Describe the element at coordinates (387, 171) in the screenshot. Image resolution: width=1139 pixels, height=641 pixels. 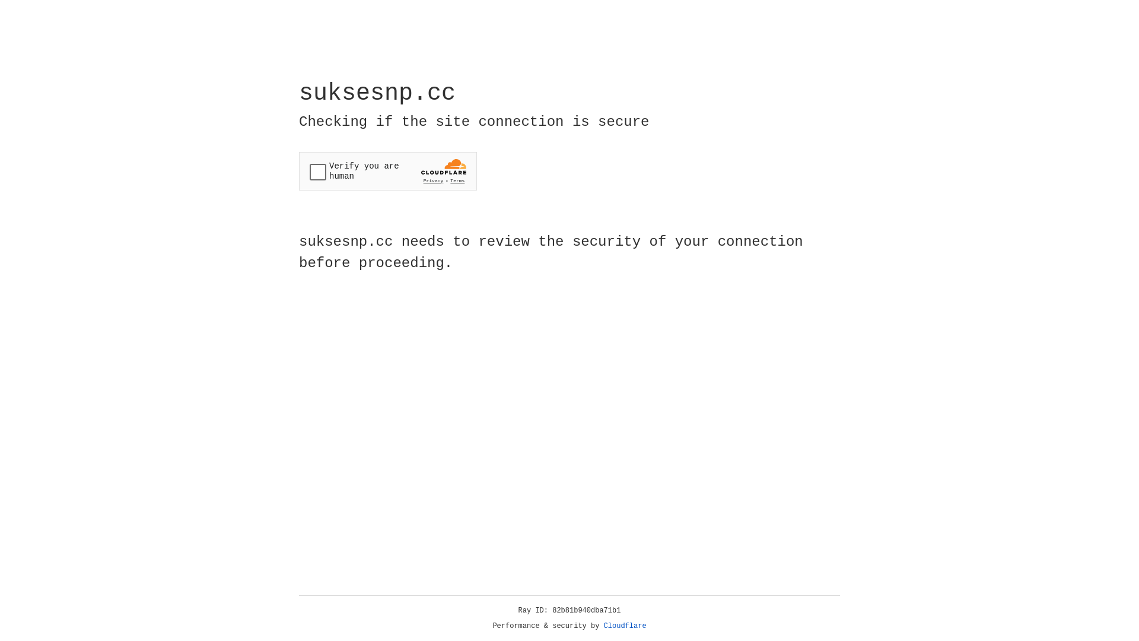
I see `'Widget containing a Cloudflare security challenge'` at that location.